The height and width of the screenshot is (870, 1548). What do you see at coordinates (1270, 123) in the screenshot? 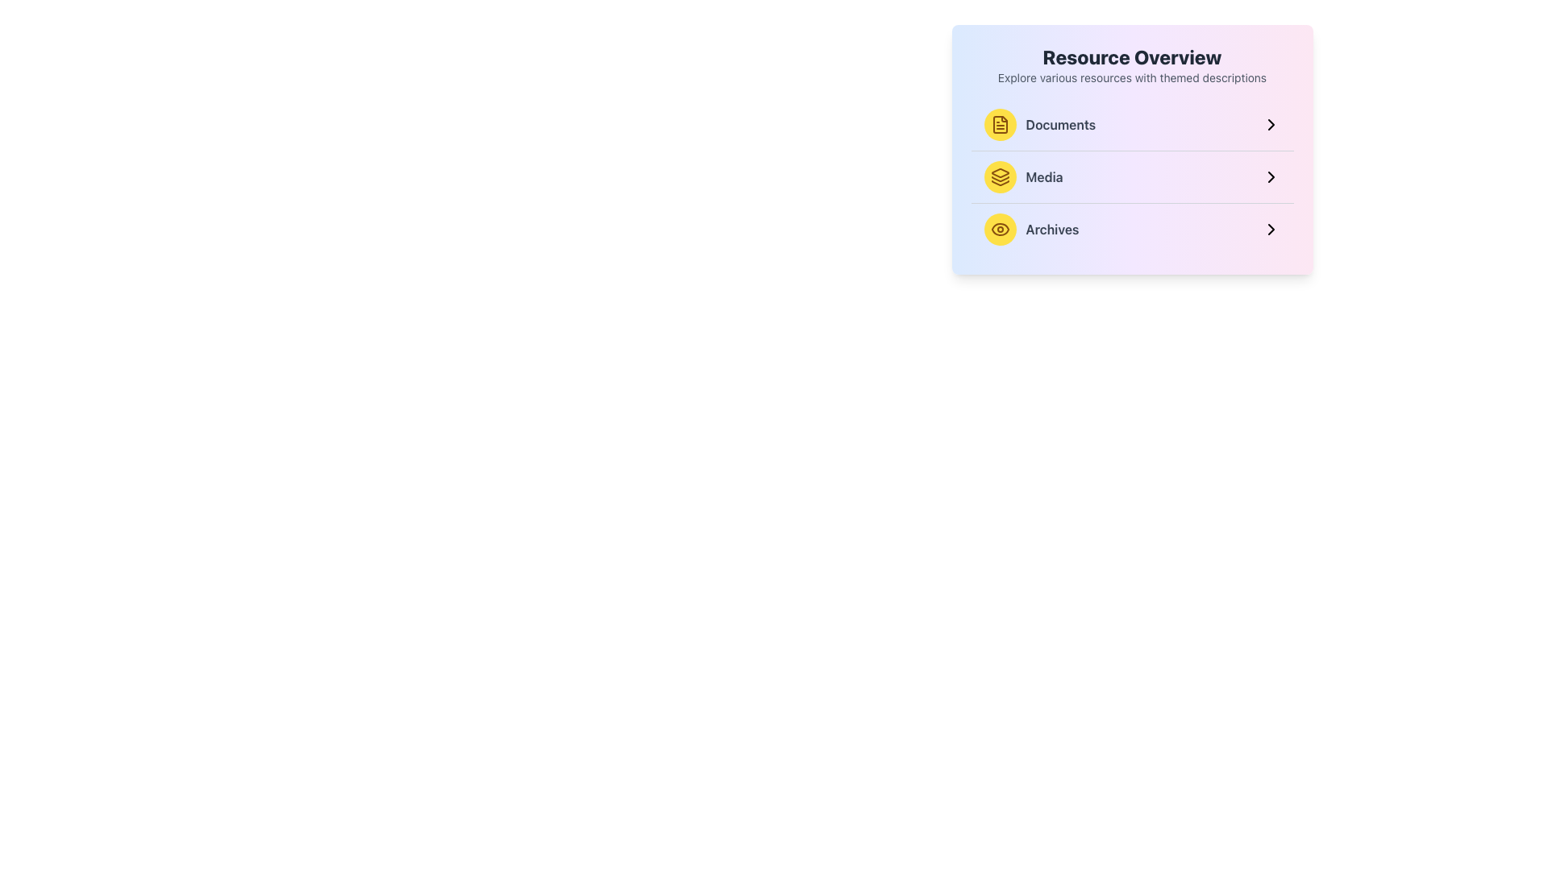
I see `the arrow icon located in the right section of the 'Documents' list item` at bounding box center [1270, 123].